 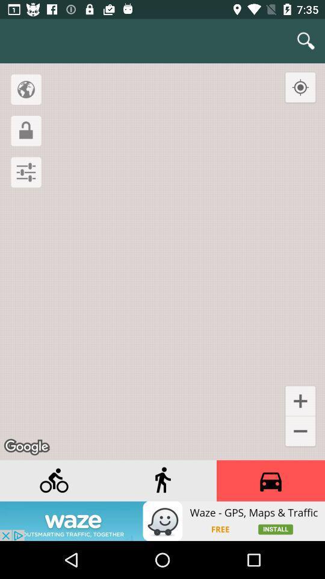 I want to click on the lock icon, so click(x=26, y=131).